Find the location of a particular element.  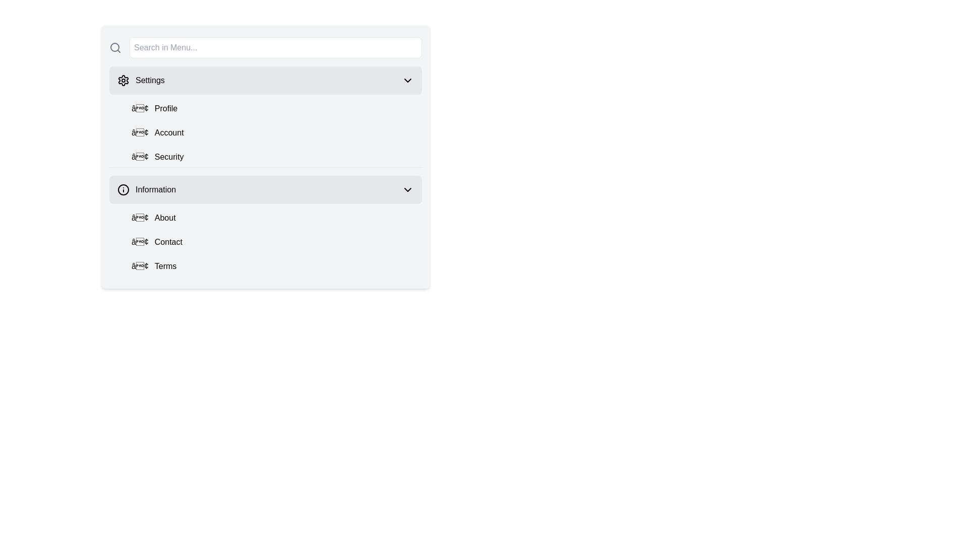

small textual icon resembling a dot or bullet point located to the left of the 'Terms' label in the 'Information' section of the dropdown menu is located at coordinates (139, 265).